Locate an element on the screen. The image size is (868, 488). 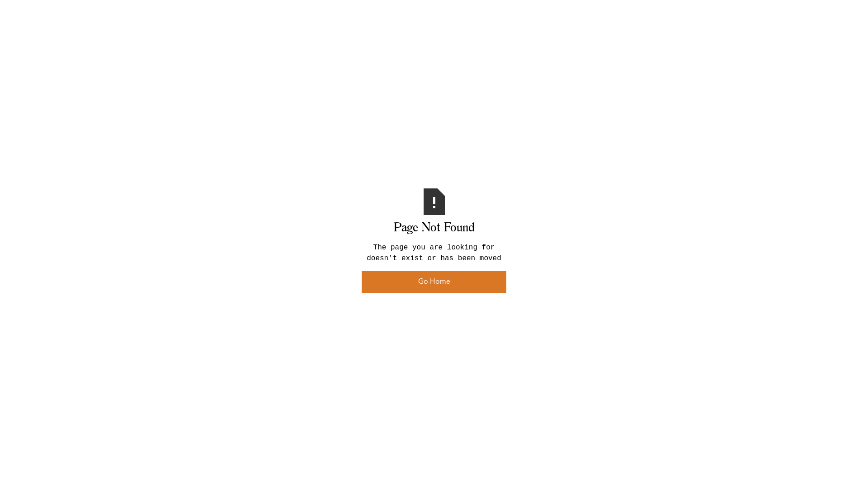
'Go Home' is located at coordinates (434, 282).